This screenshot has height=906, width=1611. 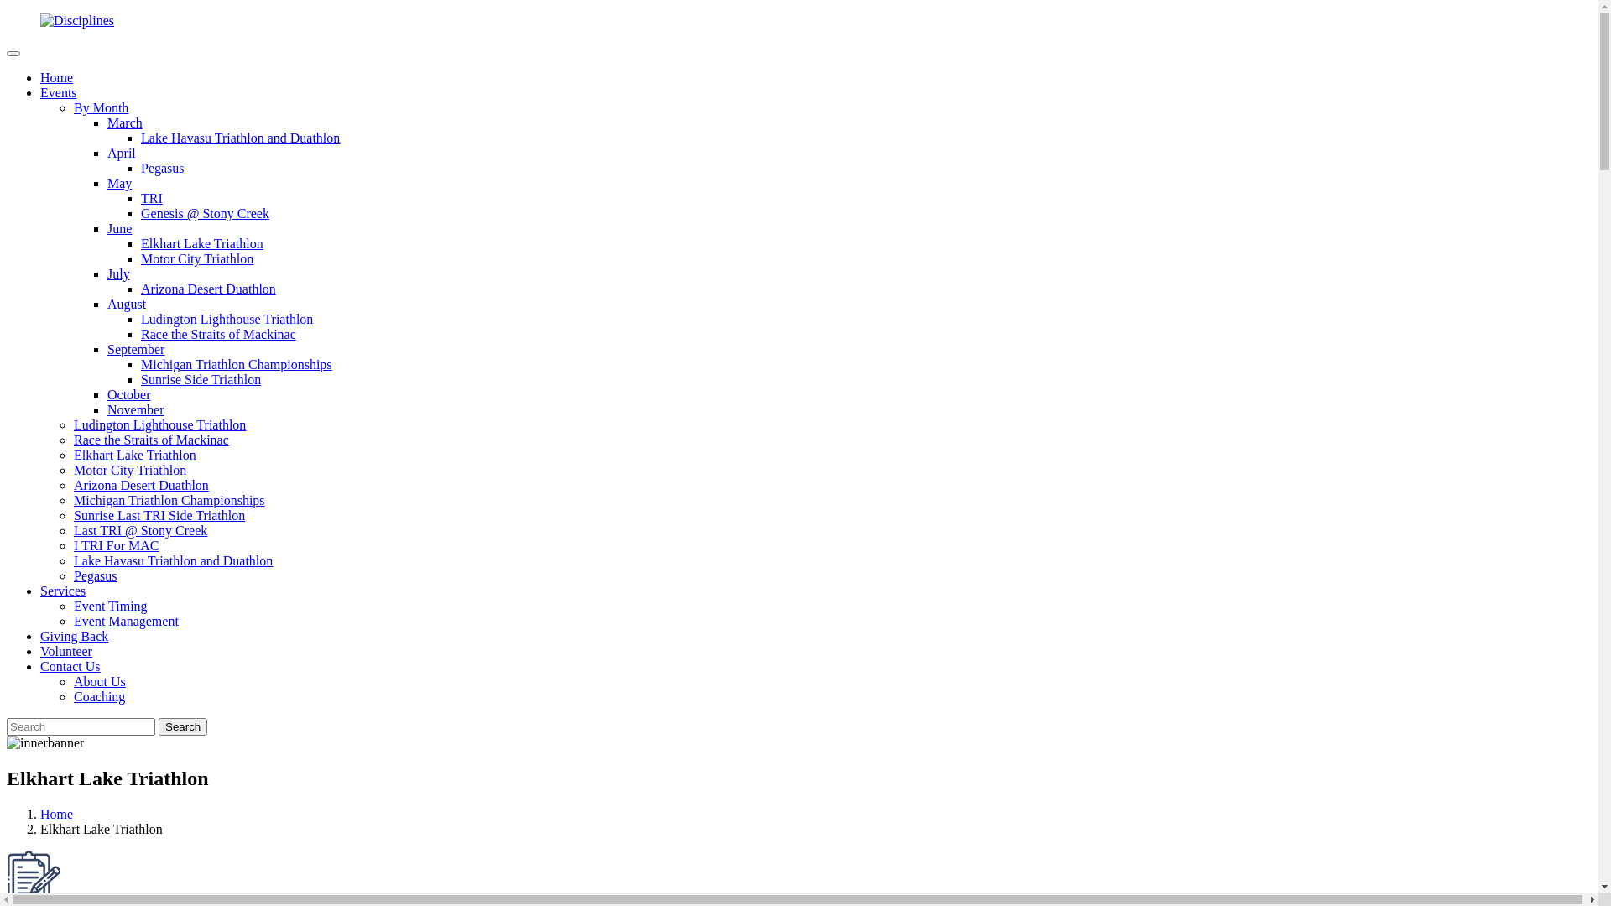 What do you see at coordinates (128, 394) in the screenshot?
I see `'October'` at bounding box center [128, 394].